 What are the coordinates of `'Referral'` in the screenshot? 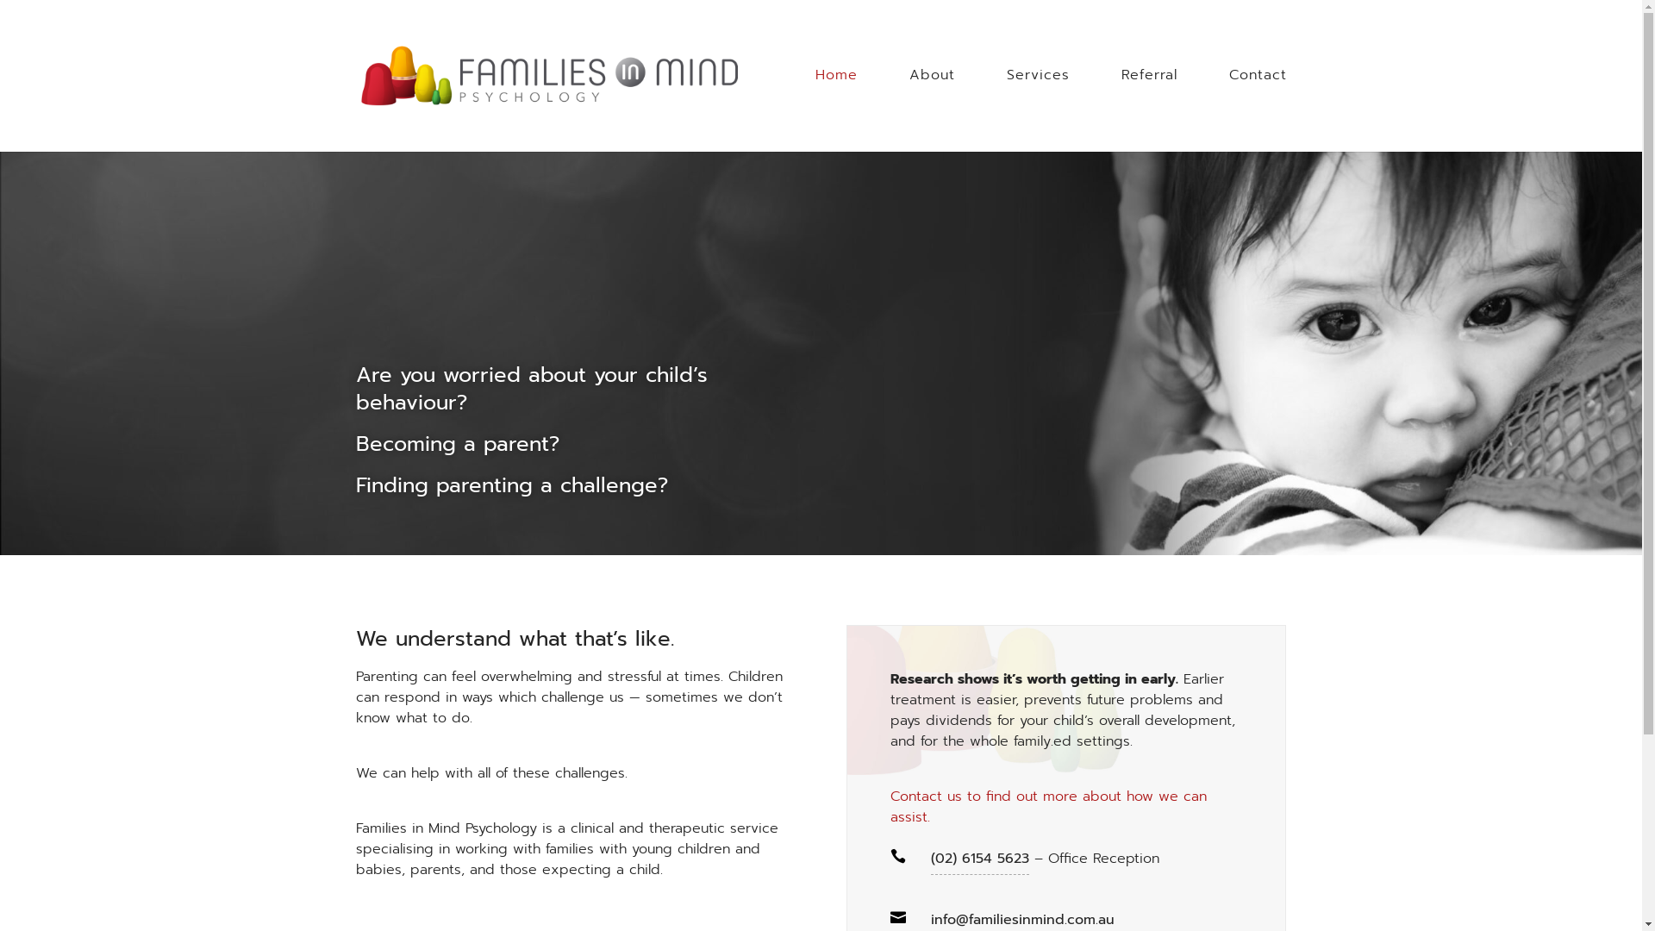 It's located at (1148, 96).